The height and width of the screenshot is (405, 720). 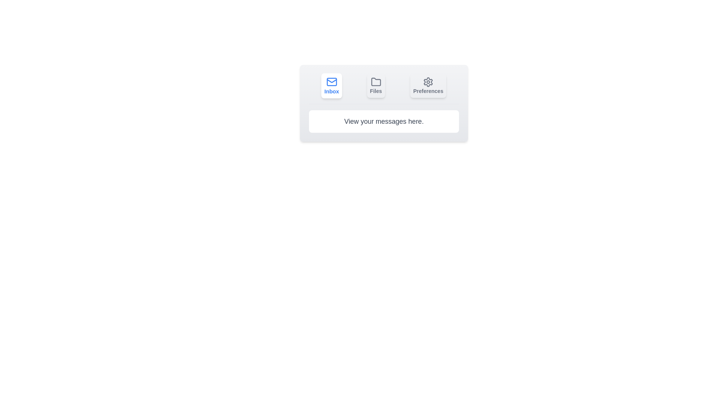 I want to click on the static text label located in the center of a white, rounded rectangular section below the Inbox, Files, and Preferences icons, so click(x=384, y=121).